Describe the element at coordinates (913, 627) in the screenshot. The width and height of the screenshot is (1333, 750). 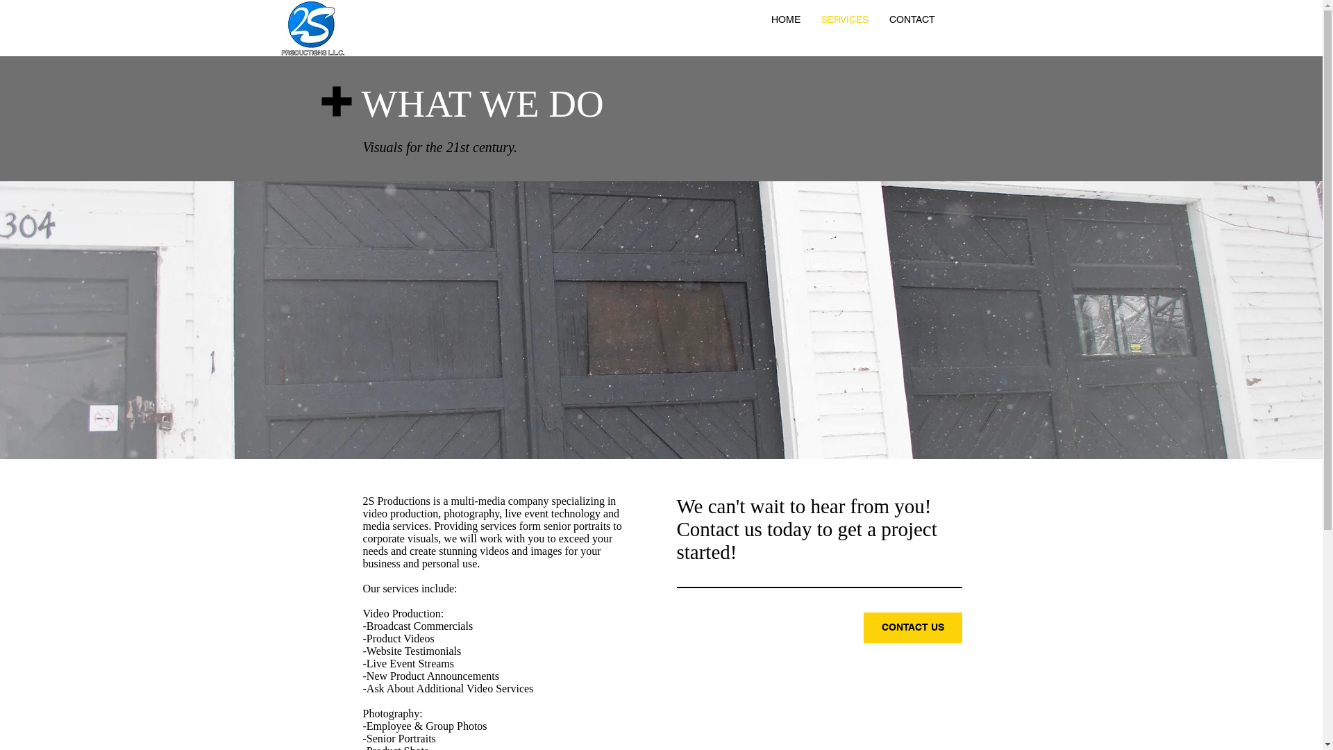
I see `'CONTACT US'` at that location.